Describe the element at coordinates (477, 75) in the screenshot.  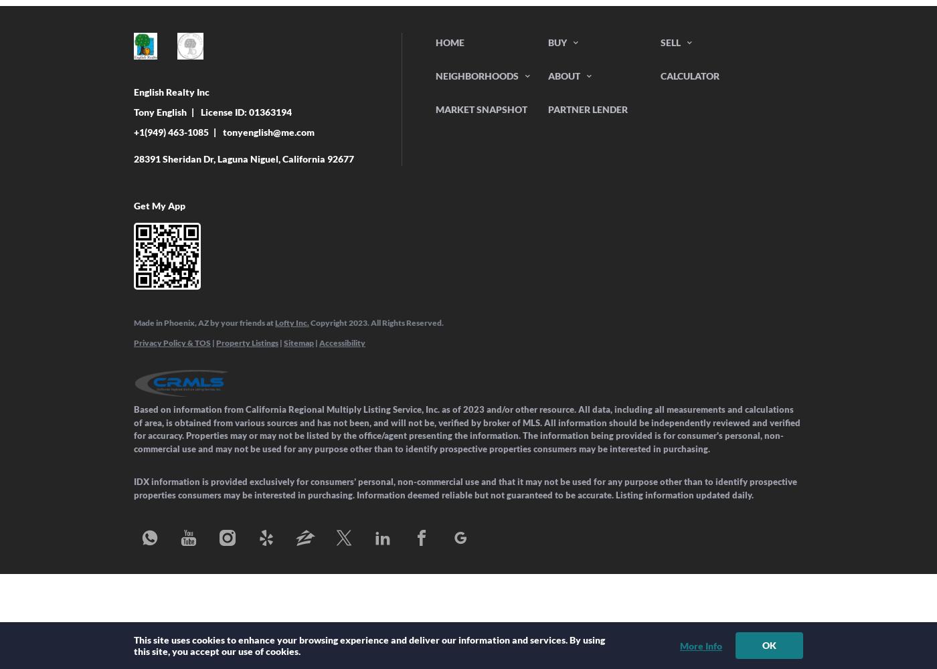
I see `'Neighborhoods'` at that location.